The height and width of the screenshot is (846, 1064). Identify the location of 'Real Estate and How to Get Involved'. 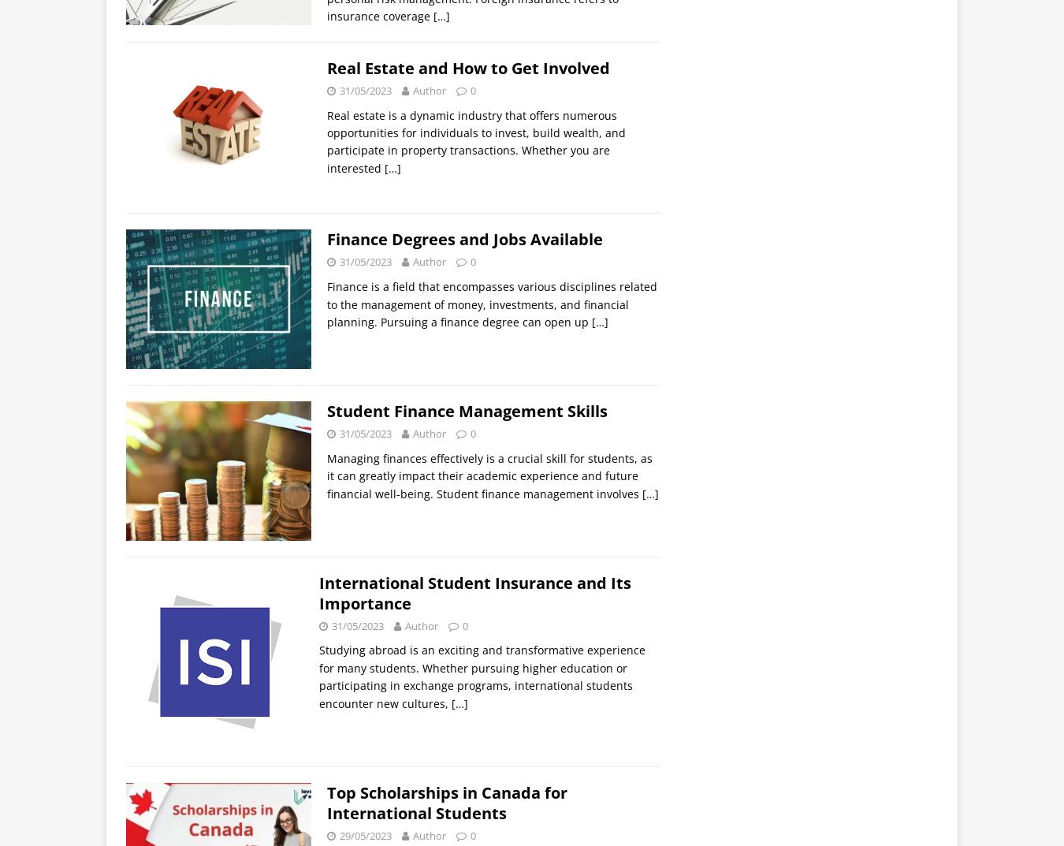
(468, 67).